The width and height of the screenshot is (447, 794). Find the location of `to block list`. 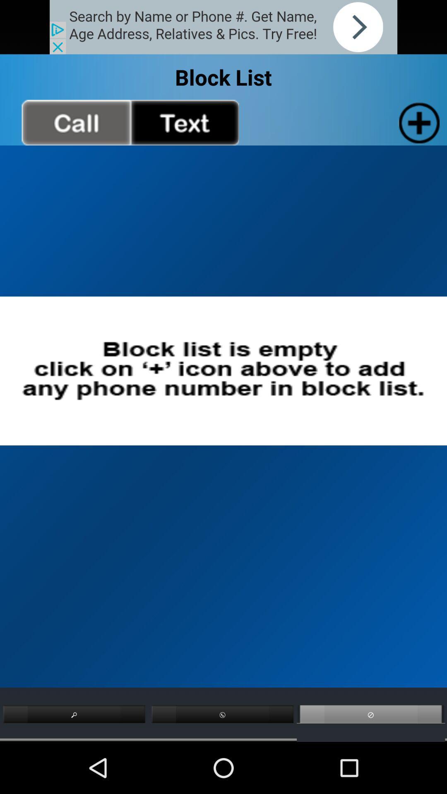

to block list is located at coordinates (418, 122).